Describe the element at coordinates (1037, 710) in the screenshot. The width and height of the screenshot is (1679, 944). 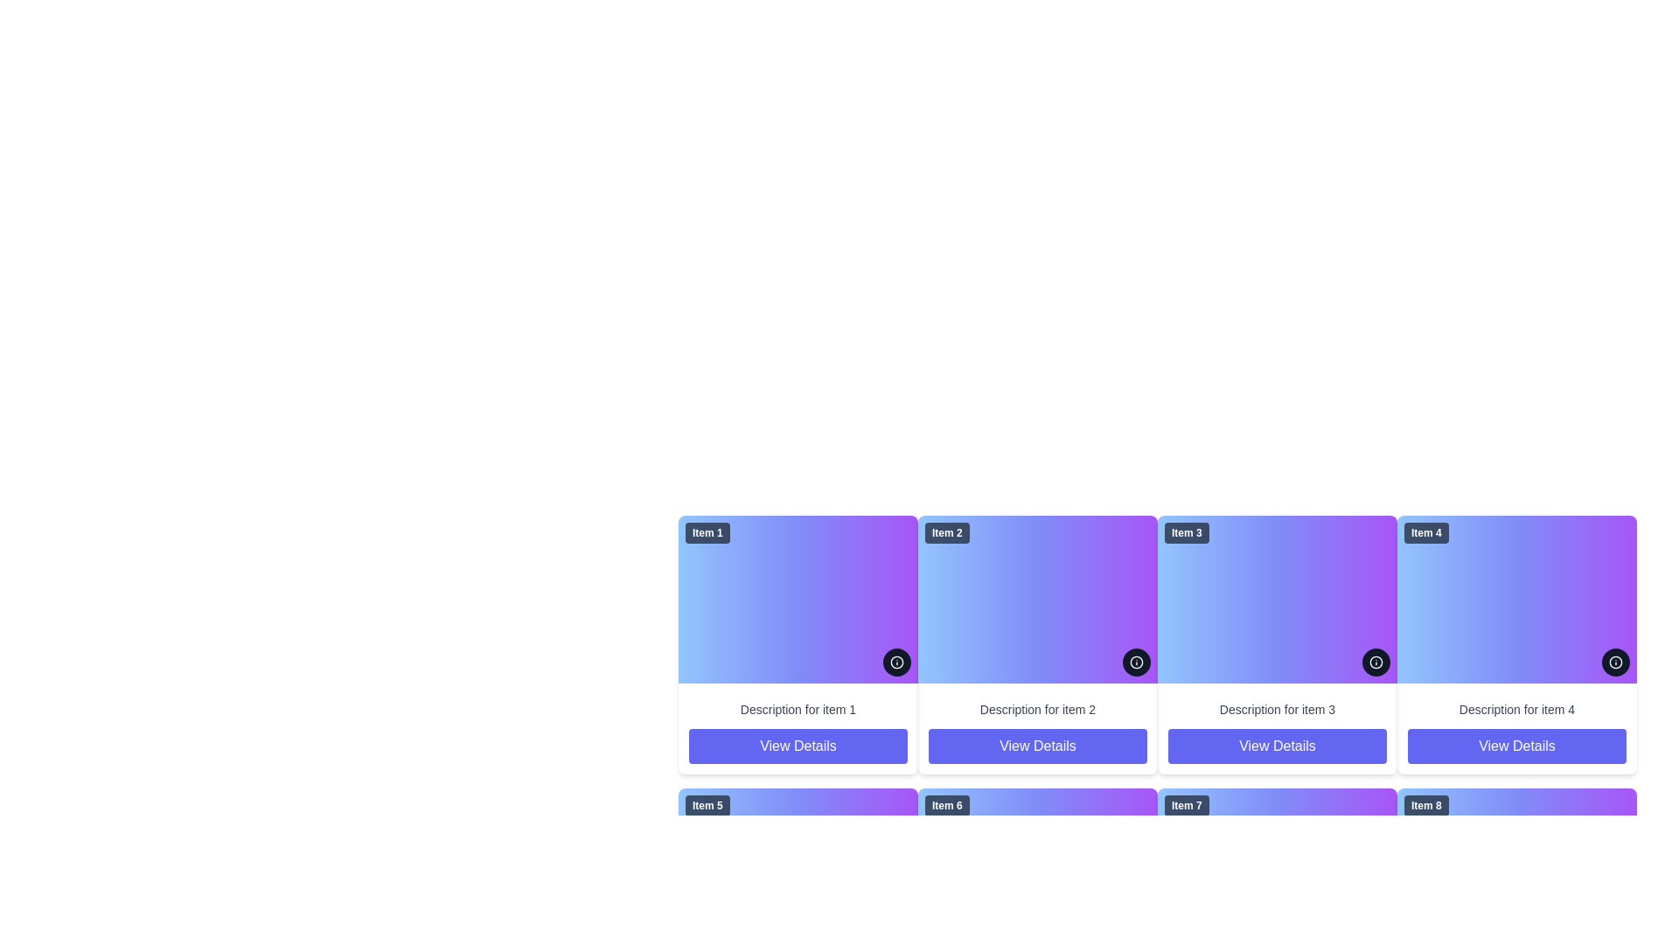
I see `the static text block displaying 'Description for item 2' which is styled with a medium-sized gray font and positioned within the card labeled 'Item 2'` at that location.